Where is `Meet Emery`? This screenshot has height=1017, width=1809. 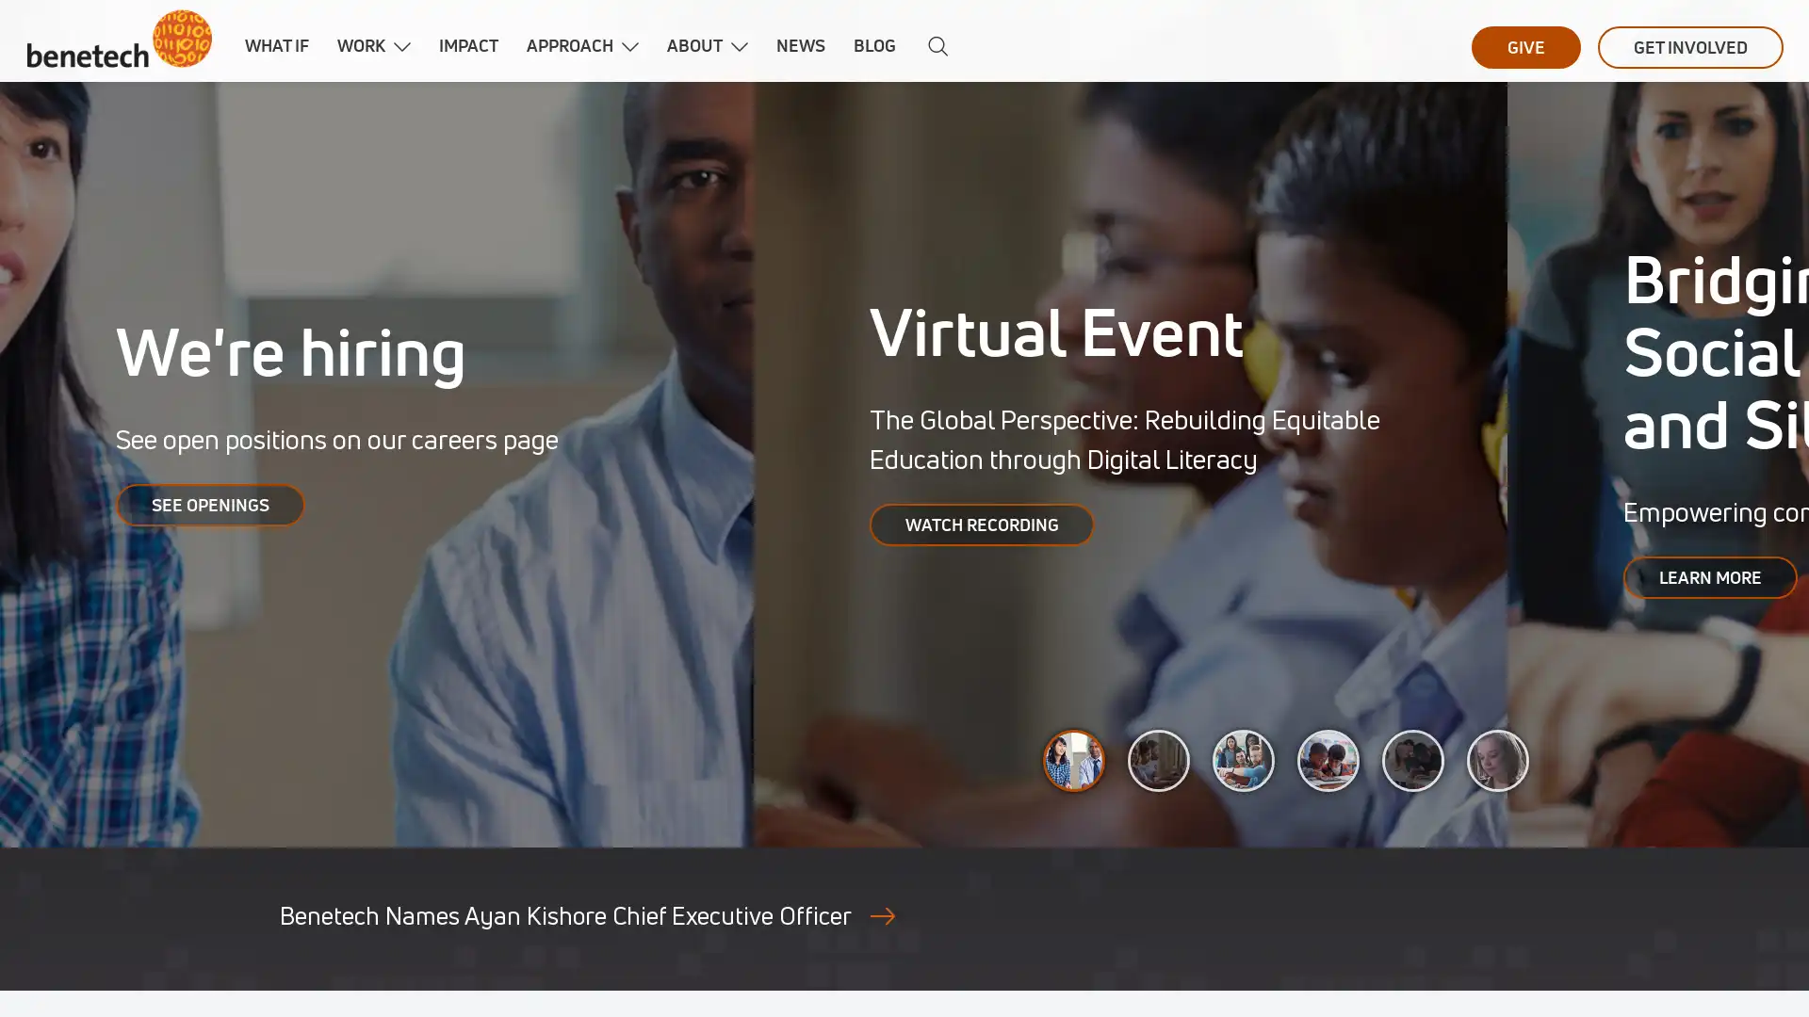
Meet Emery is located at coordinates (1496, 759).